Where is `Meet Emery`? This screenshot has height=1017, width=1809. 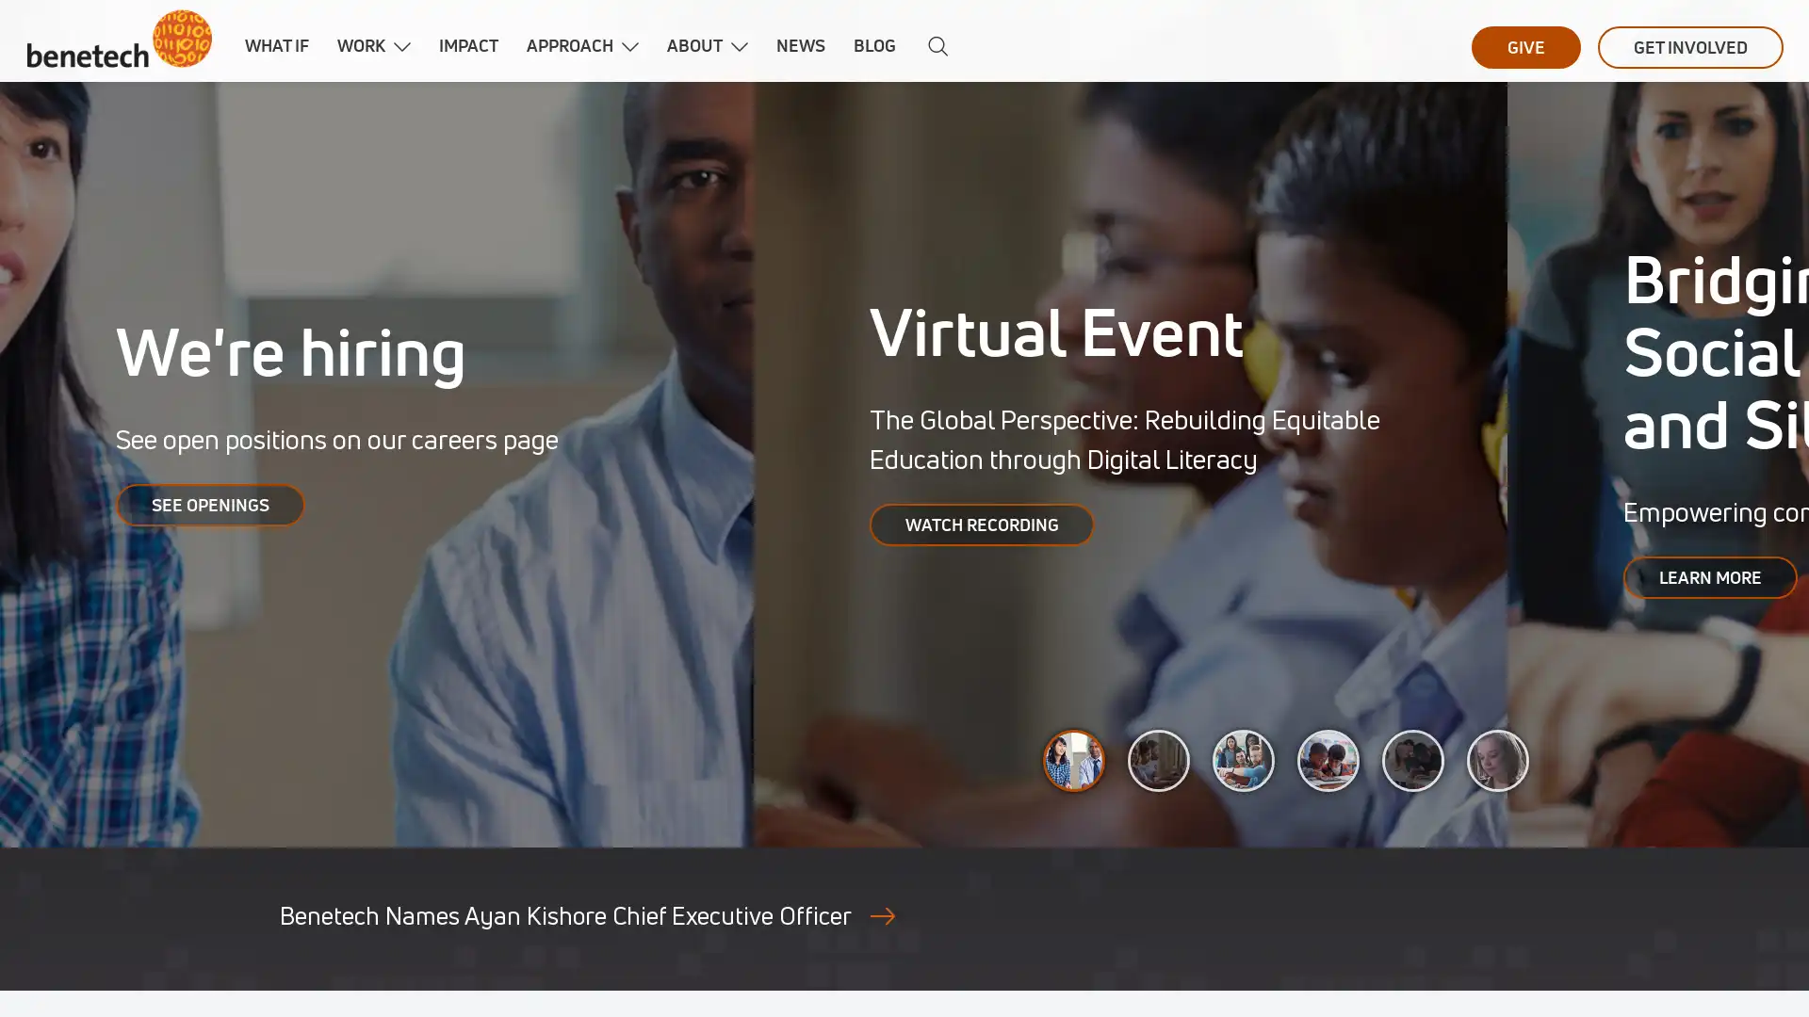
Meet Emery is located at coordinates (1496, 759).